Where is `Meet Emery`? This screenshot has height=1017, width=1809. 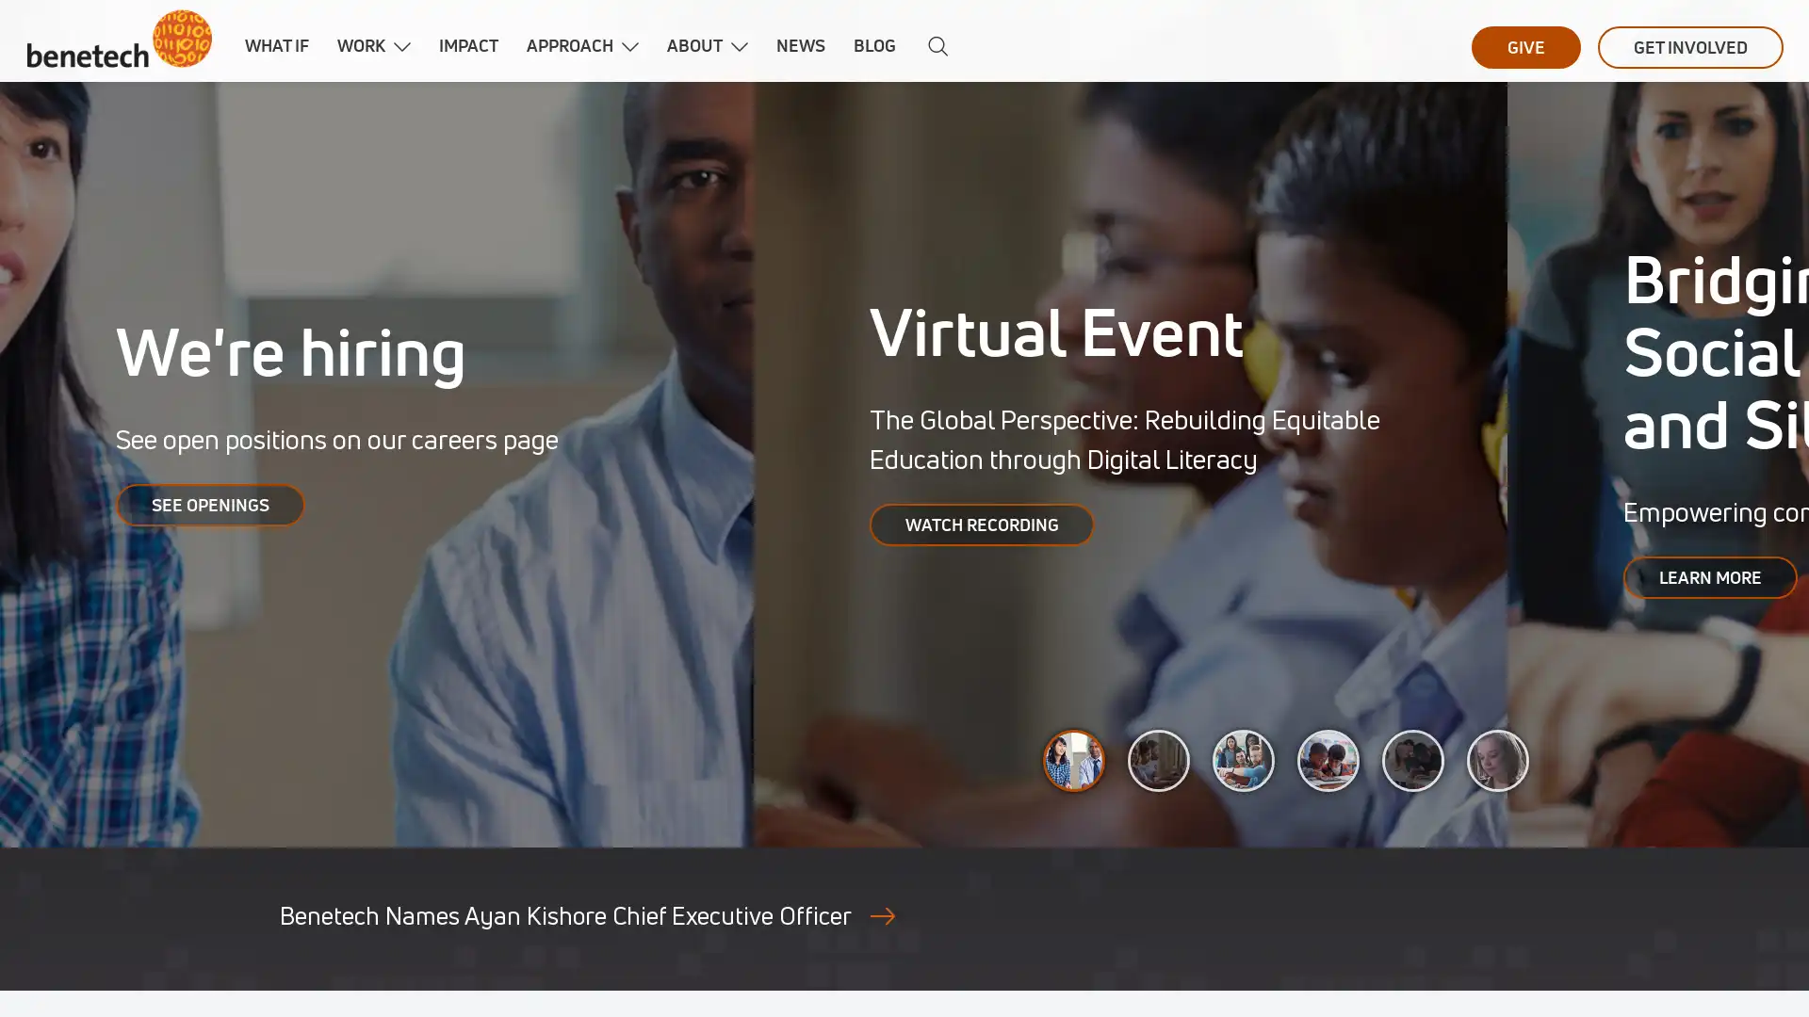
Meet Emery is located at coordinates (1496, 759).